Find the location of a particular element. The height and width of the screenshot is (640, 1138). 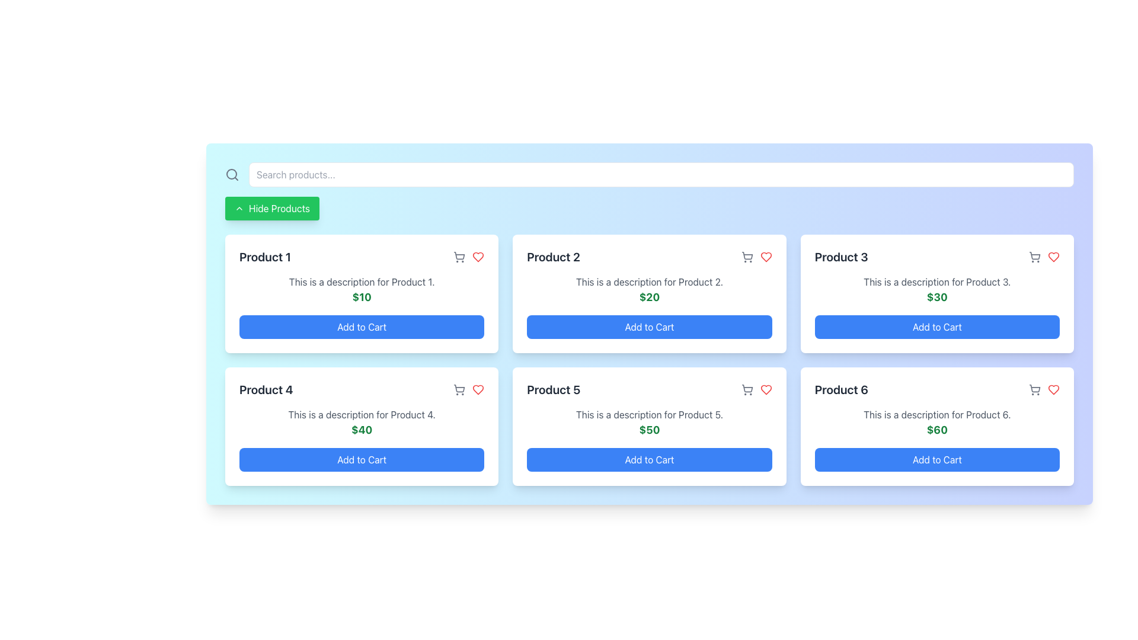

the informational static text element located within the card labeled 'Product 5', which is the second textual element directly below the title and above the price and 'Add to Cart' button is located at coordinates (648, 414).